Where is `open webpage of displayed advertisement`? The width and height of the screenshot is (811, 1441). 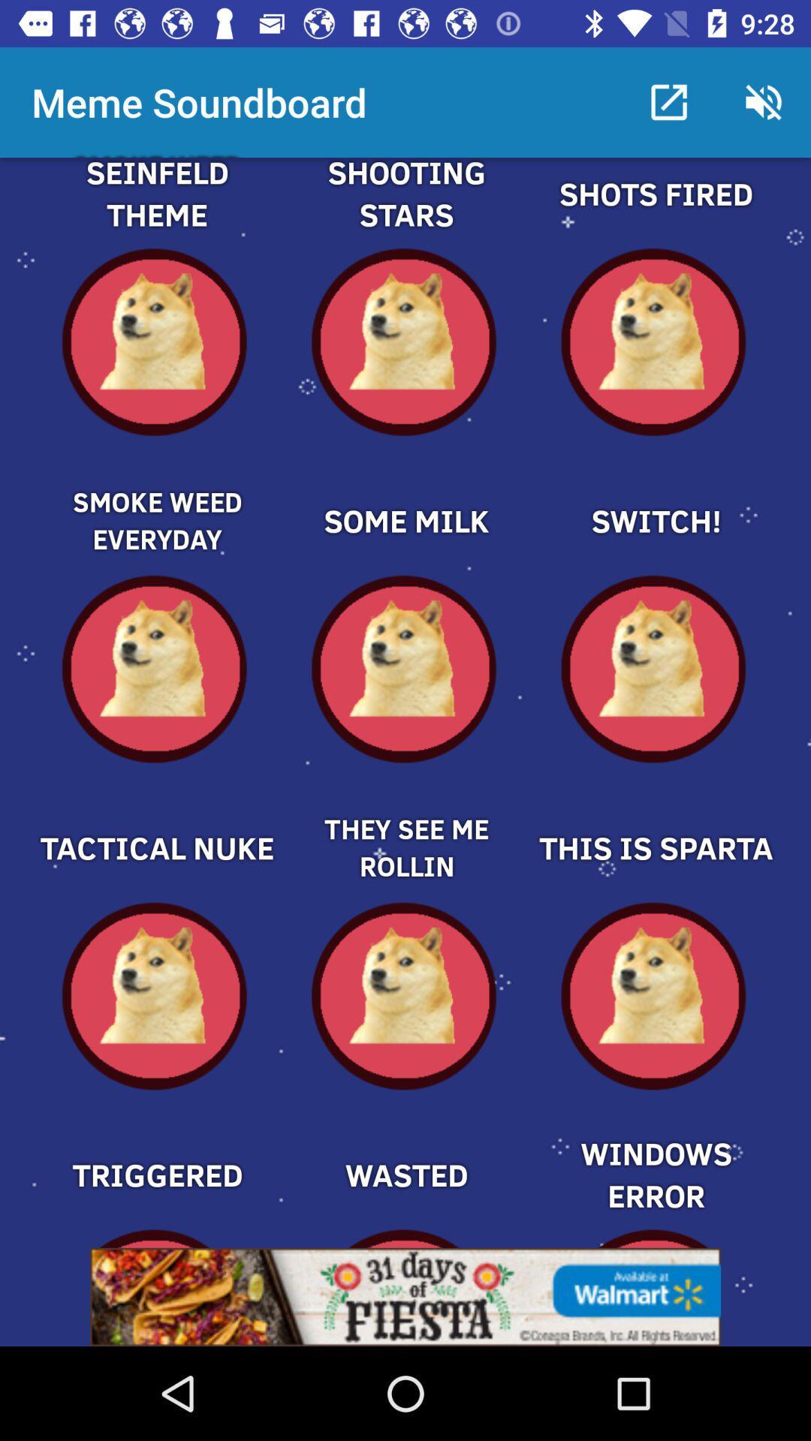 open webpage of displayed advertisement is located at coordinates (405, 1296).